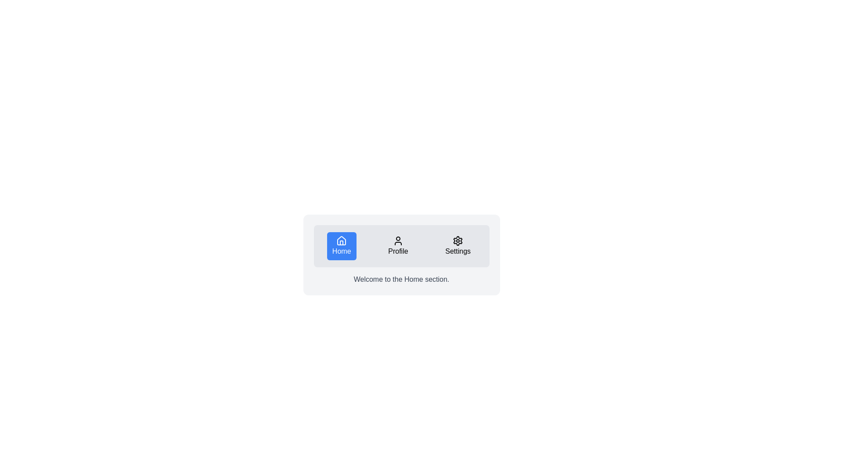  What do you see at coordinates (401, 279) in the screenshot?
I see `text block containing 'Welcome to the Home section.' which is centrally aligned in gray font on a light background, located directly below the navigation menu` at bounding box center [401, 279].